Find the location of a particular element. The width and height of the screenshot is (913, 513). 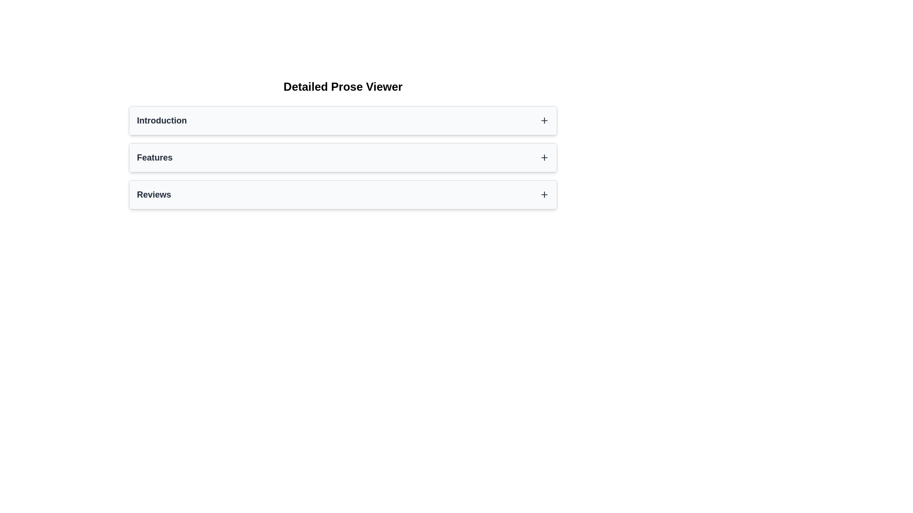

the interactive button/icon located at the far-right end of the 'Features' row is located at coordinates (544, 157).